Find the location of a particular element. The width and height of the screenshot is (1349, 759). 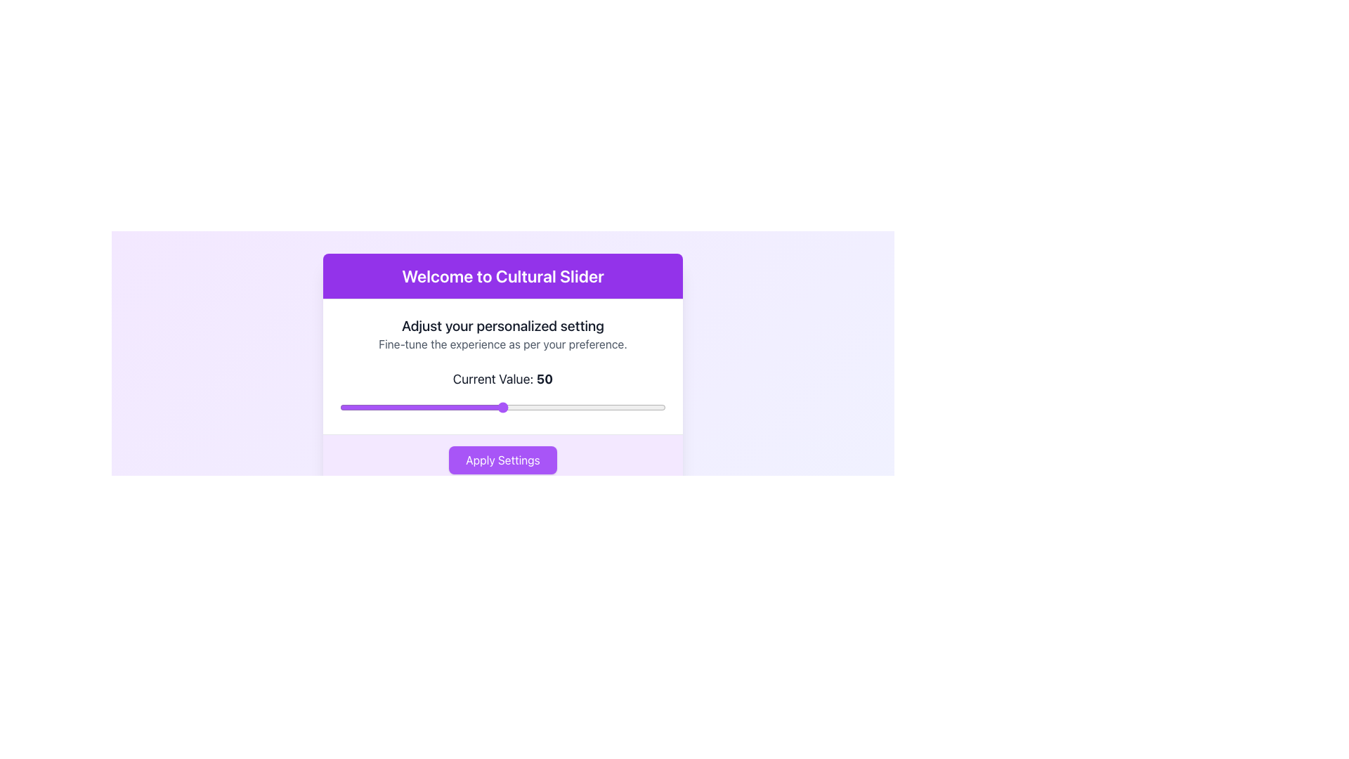

the slider is located at coordinates (379, 407).